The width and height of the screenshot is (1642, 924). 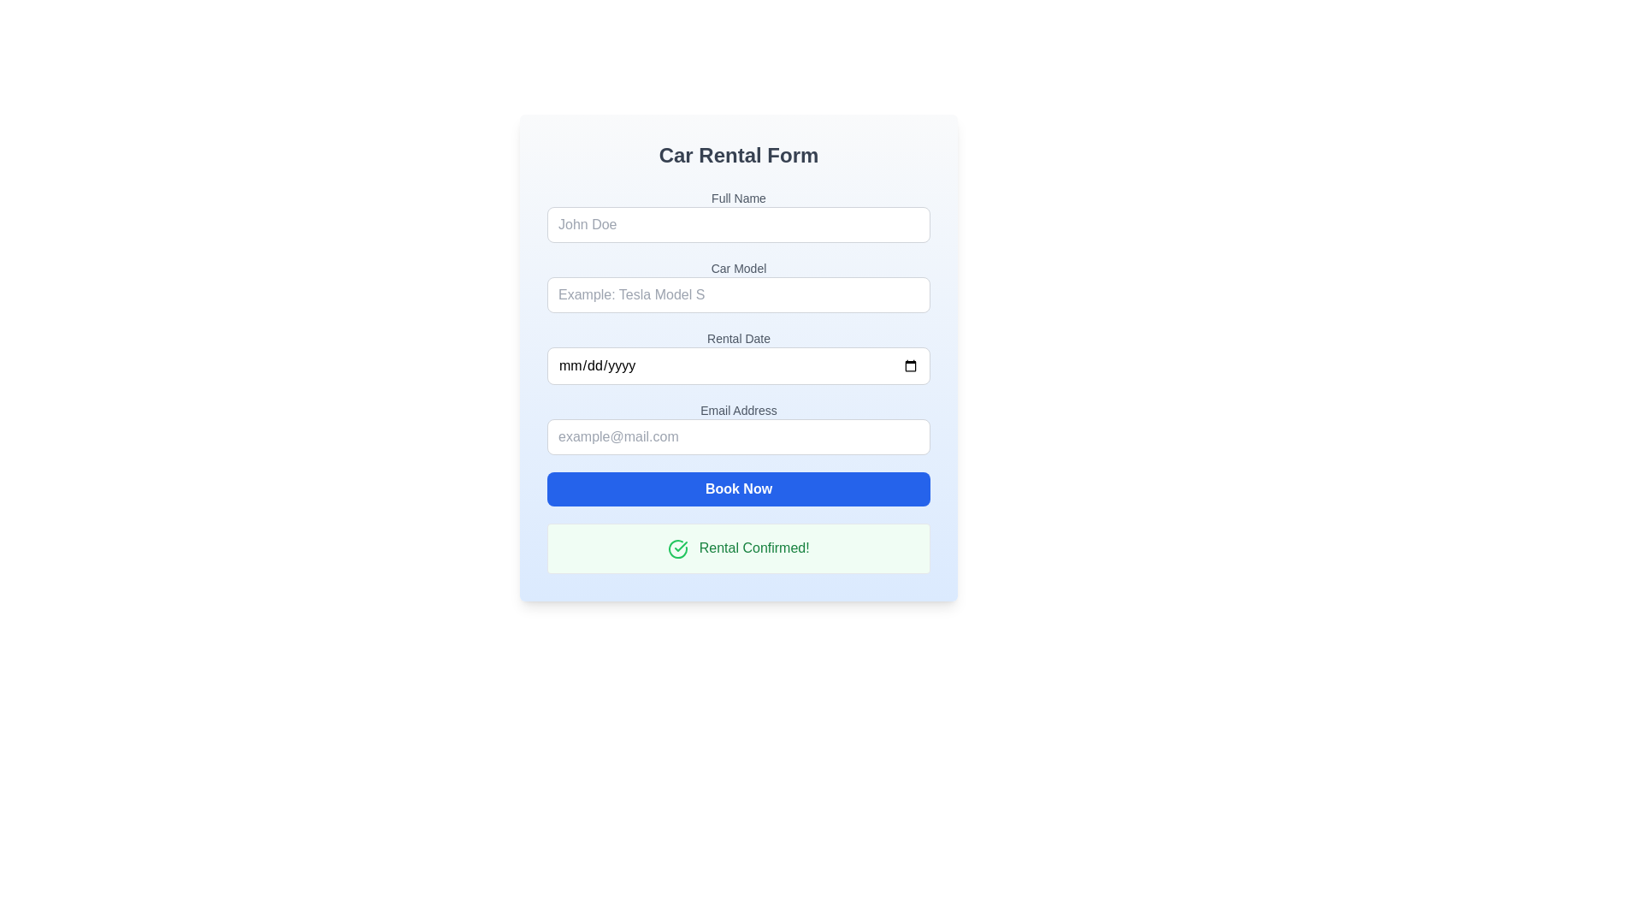 I want to click on the Checkmark within Circle icon that indicates successful confirmation of the car rental booking, located to the left of the 'Rental Confirmed!' message, so click(x=680, y=546).